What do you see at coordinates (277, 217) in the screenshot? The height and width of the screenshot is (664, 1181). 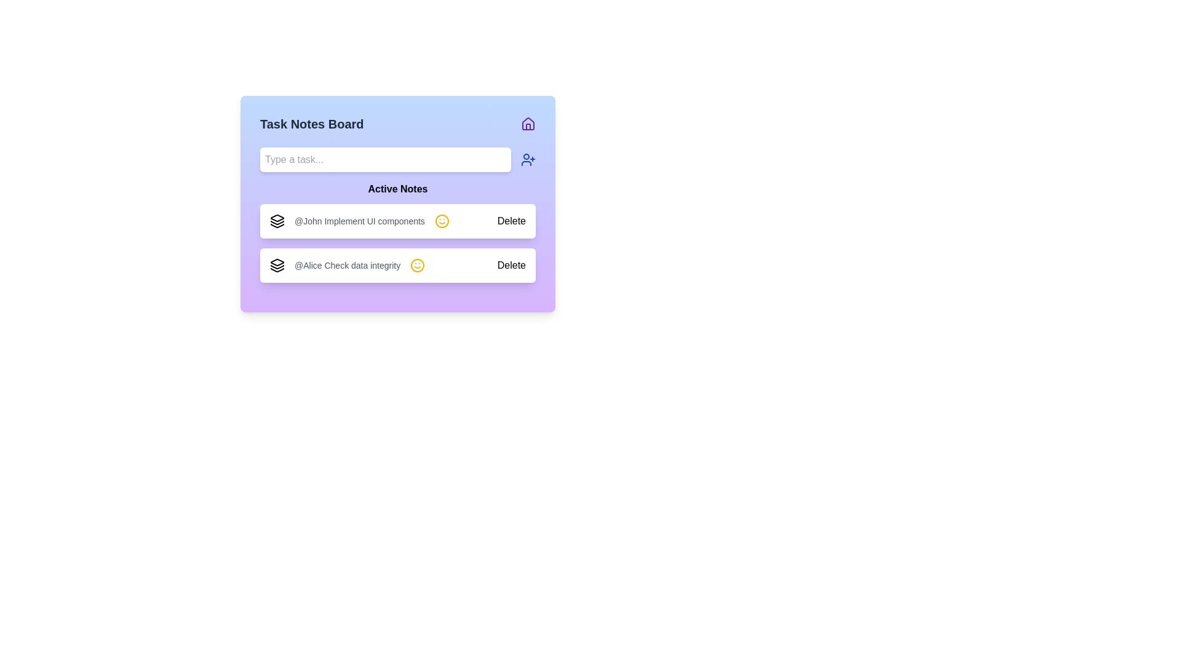 I see `the modern triangular layered icon located on the left side of the application interface, associated with the first entry in the active notes section` at bounding box center [277, 217].